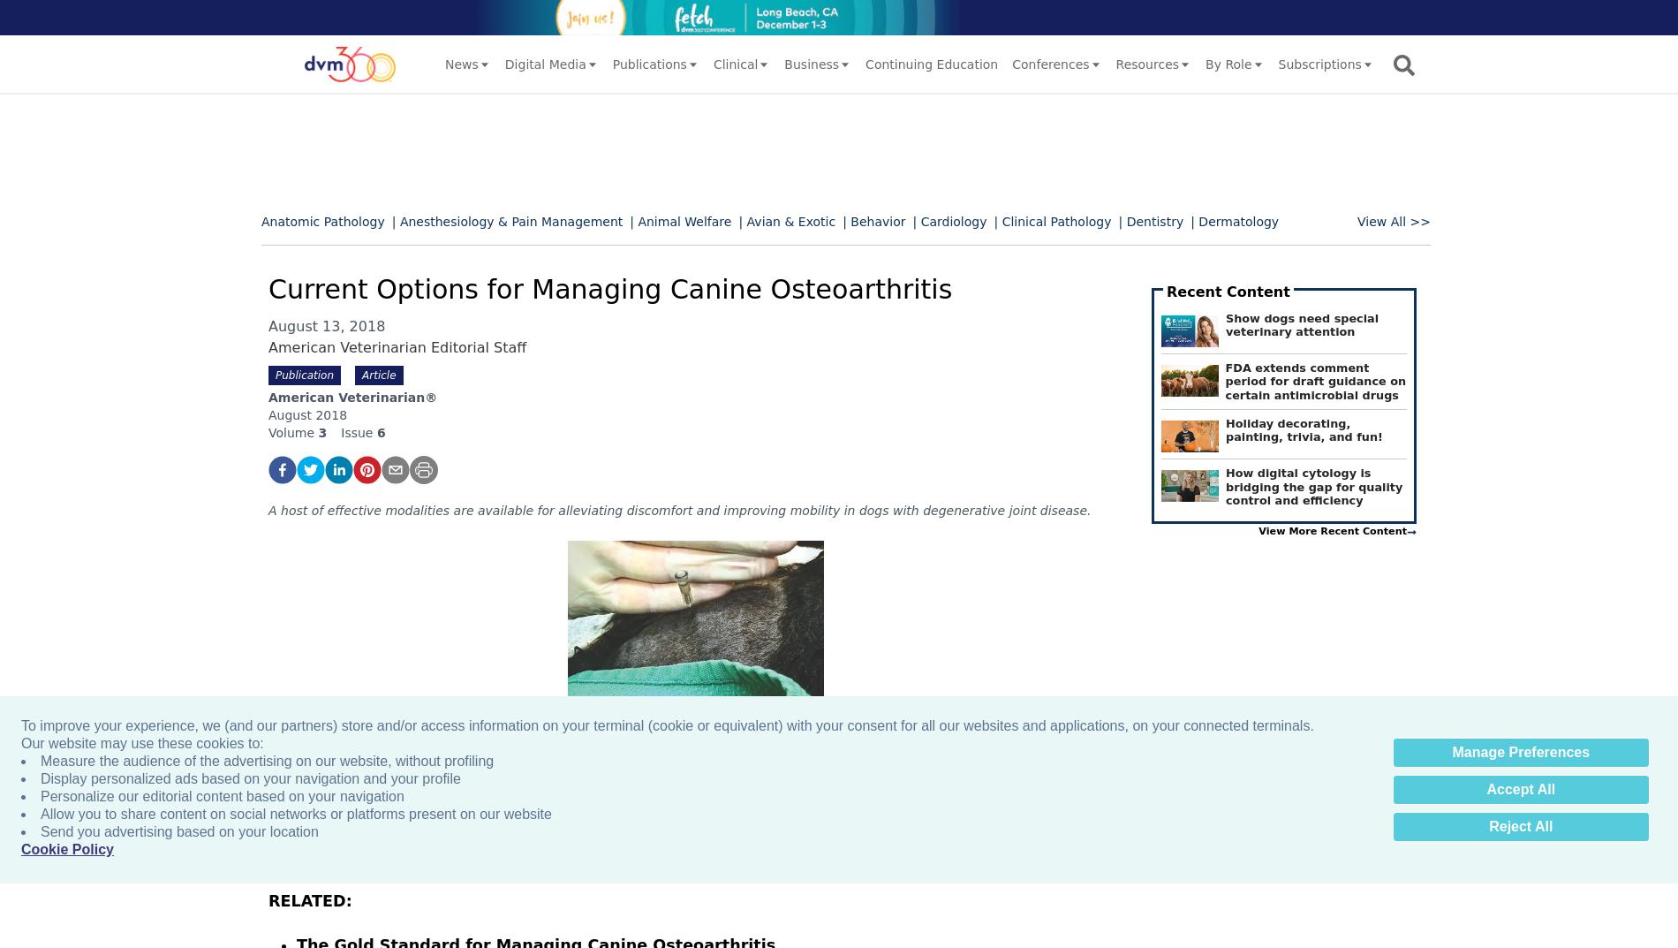 The width and height of the screenshot is (1678, 948). Describe the element at coordinates (556, 264) in the screenshot. I see `'|    Endocrinology'` at that location.